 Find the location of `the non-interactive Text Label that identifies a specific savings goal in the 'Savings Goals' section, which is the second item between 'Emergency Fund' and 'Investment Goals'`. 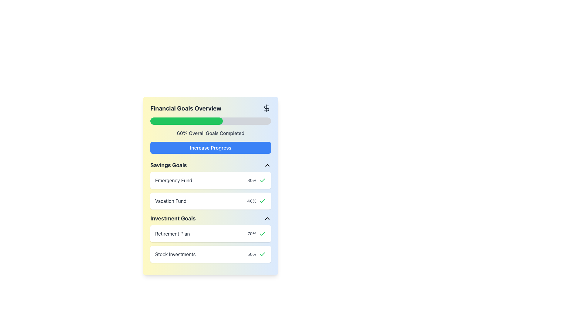

the non-interactive Text Label that identifies a specific savings goal in the 'Savings Goals' section, which is the second item between 'Emergency Fund' and 'Investment Goals' is located at coordinates (170, 201).